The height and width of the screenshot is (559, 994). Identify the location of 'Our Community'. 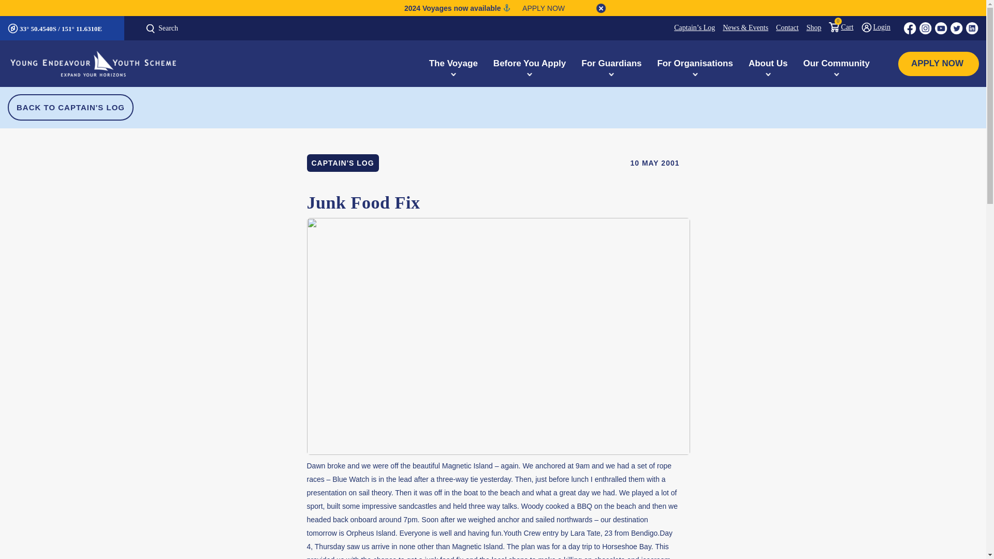
(795, 64).